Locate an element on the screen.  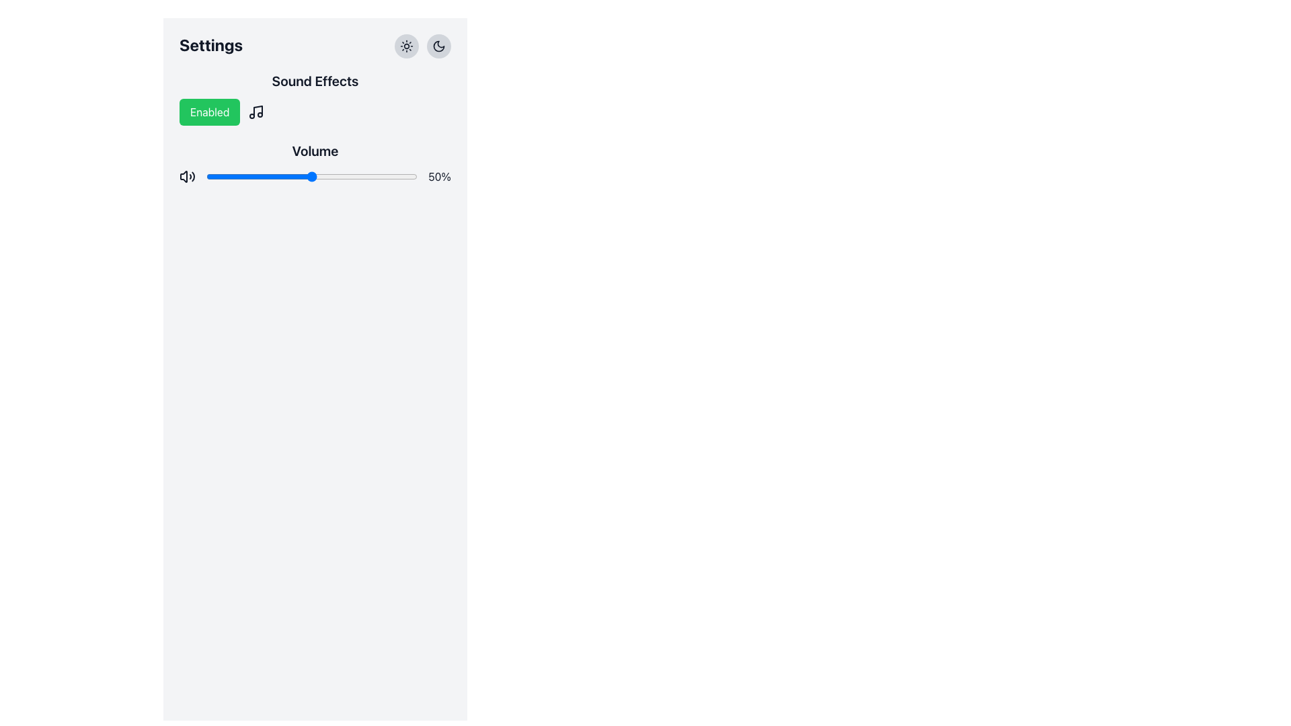
the slider is located at coordinates (246, 175).